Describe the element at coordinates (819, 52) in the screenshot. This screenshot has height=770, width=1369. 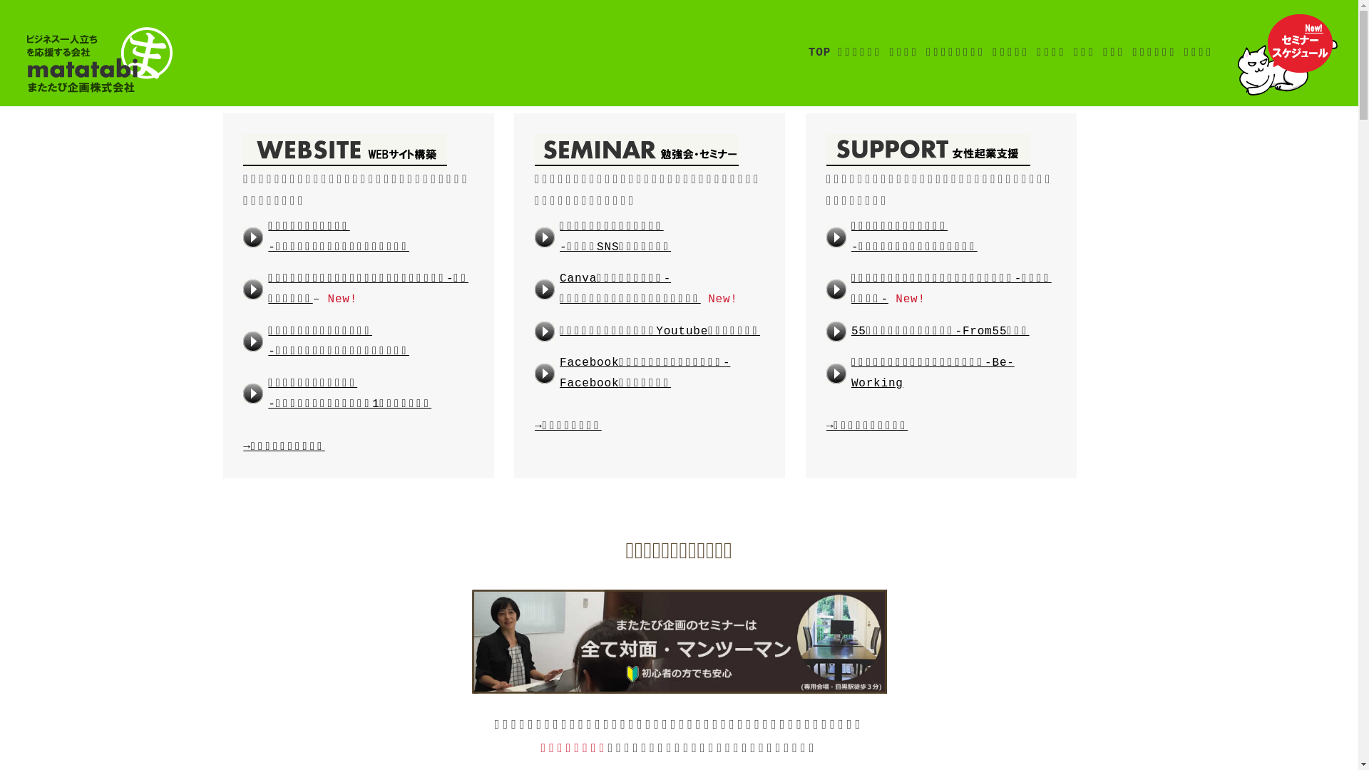
I see `'TOP'` at that location.